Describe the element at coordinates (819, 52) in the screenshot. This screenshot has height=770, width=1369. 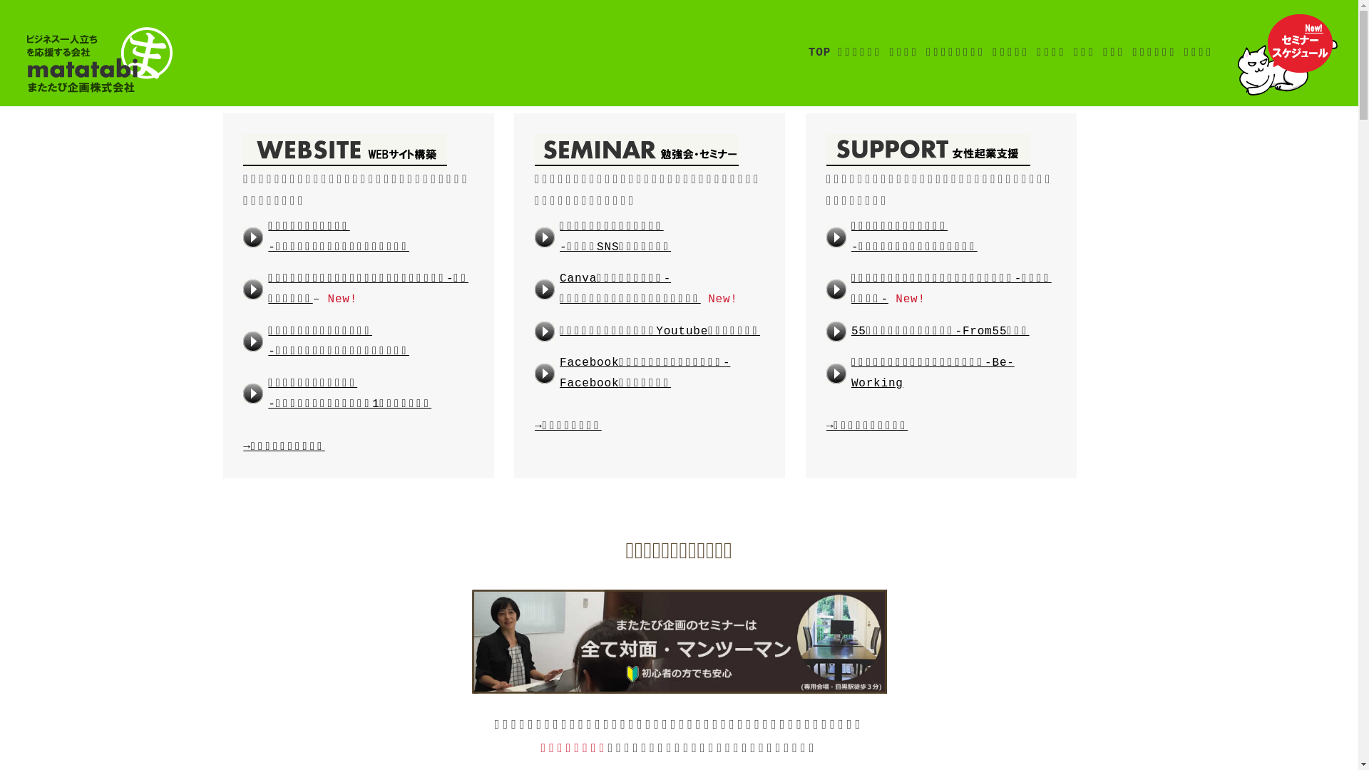
I see `'TOP'` at that location.